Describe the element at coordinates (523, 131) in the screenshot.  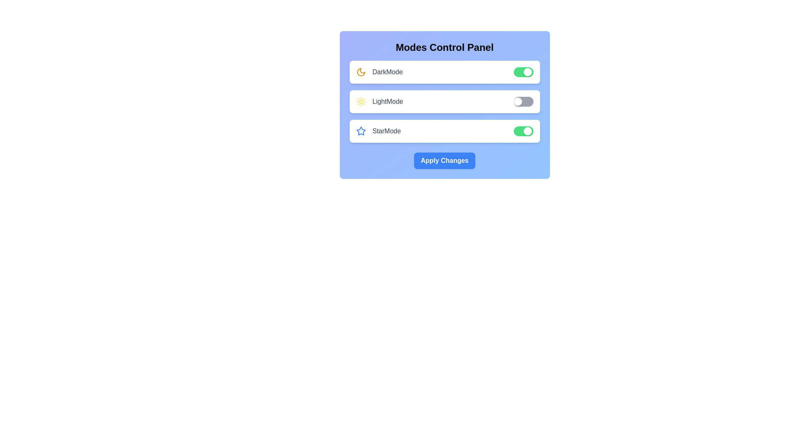
I see `the toggle switch for 'StarMode' to change its state` at that location.